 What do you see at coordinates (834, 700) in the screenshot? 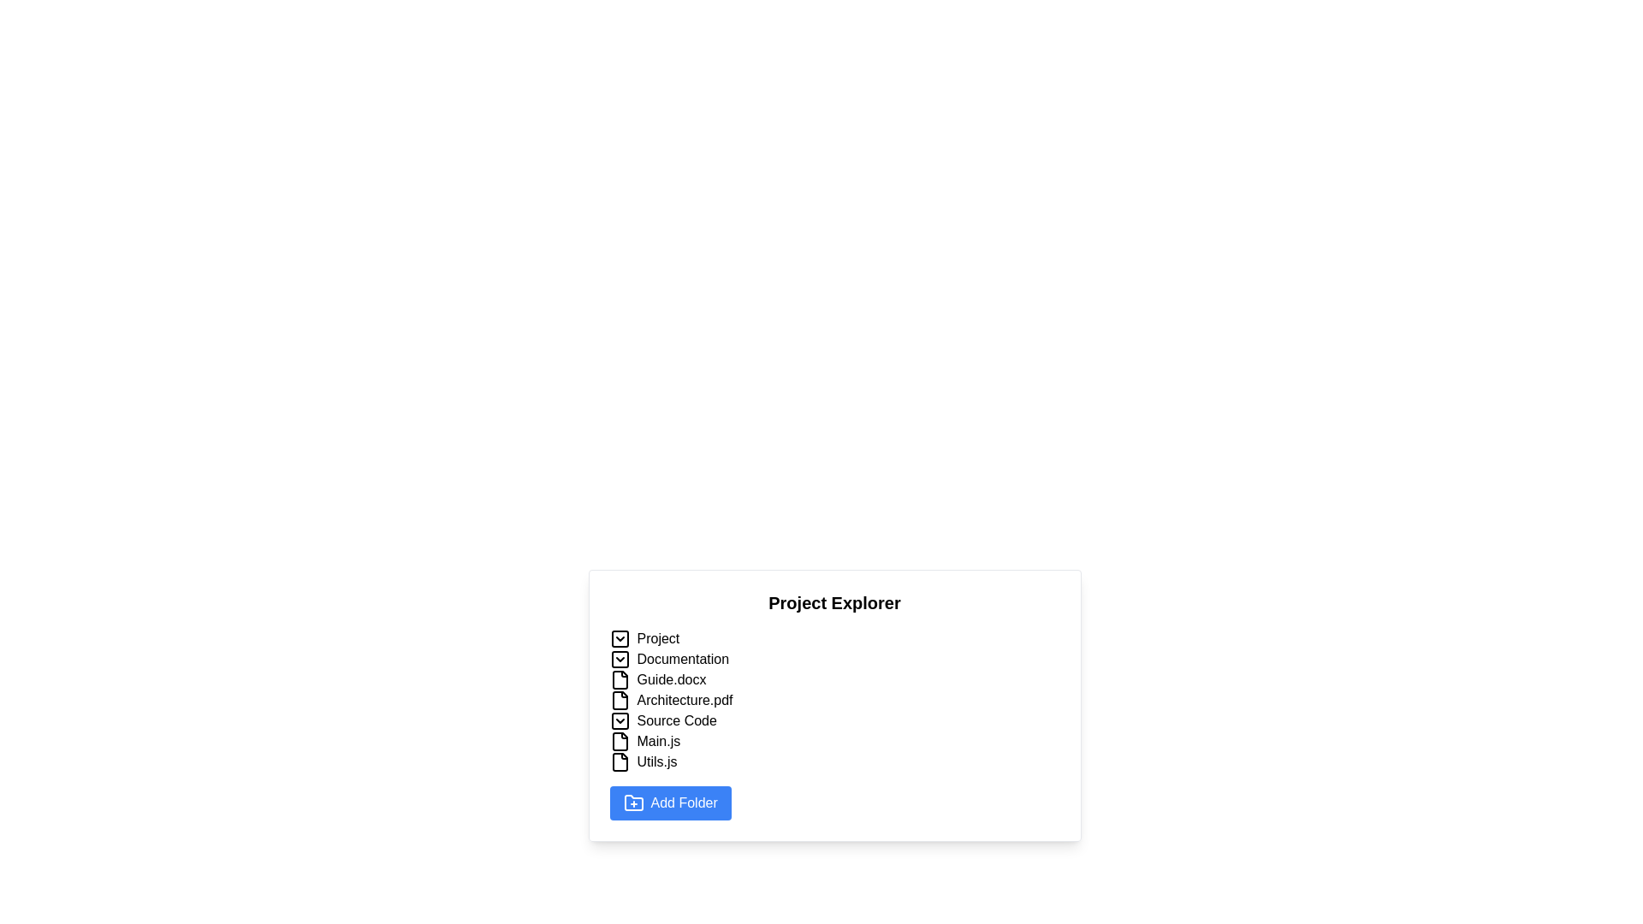
I see `the file entry 'Architecture.pdf' located` at bounding box center [834, 700].